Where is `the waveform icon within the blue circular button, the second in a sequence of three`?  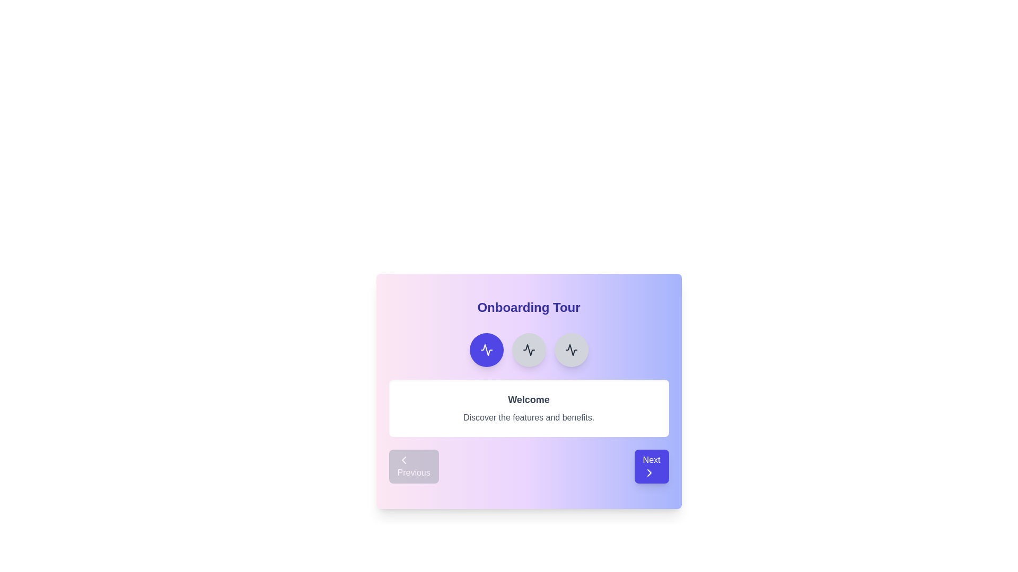
the waveform icon within the blue circular button, the second in a sequence of three is located at coordinates (486, 350).